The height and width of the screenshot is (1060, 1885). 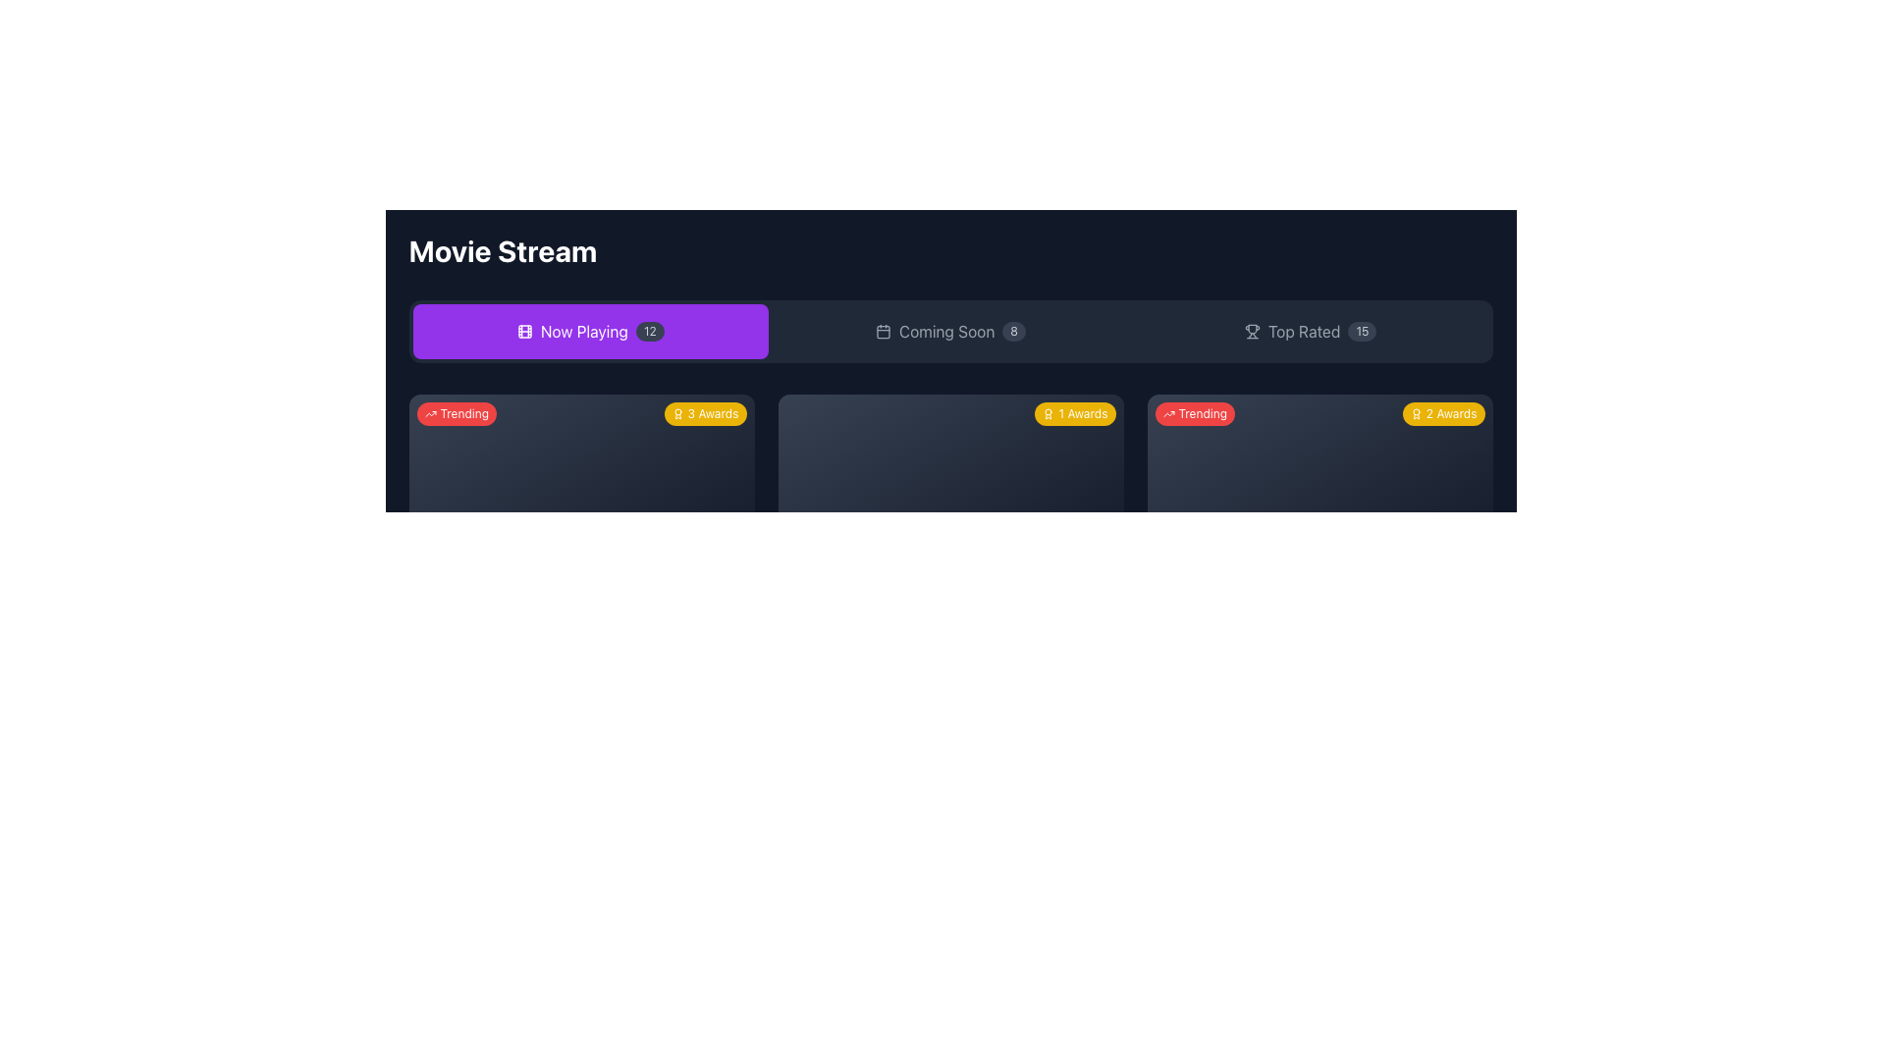 I want to click on the displayed information in the rectangular informational card section that features a gradient background and badges labeled 'Trending' and '3 Awards', so click(x=580, y=487).